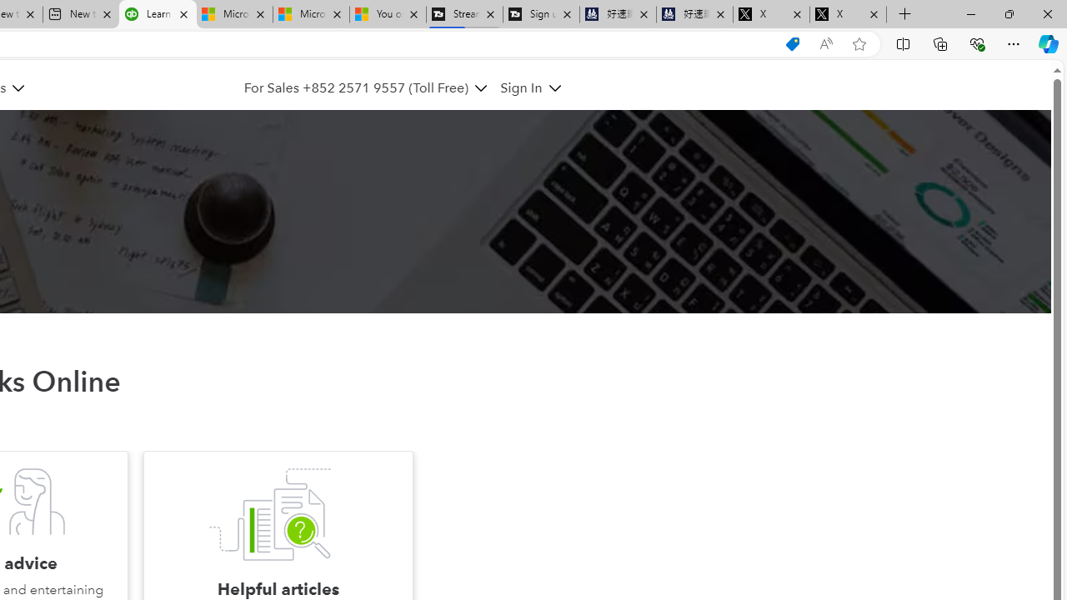 Image resolution: width=1067 pixels, height=600 pixels. I want to click on 'Class: MenuItem_dDown__f585abf6 MenuItem_white__f585abf6', so click(554, 88).